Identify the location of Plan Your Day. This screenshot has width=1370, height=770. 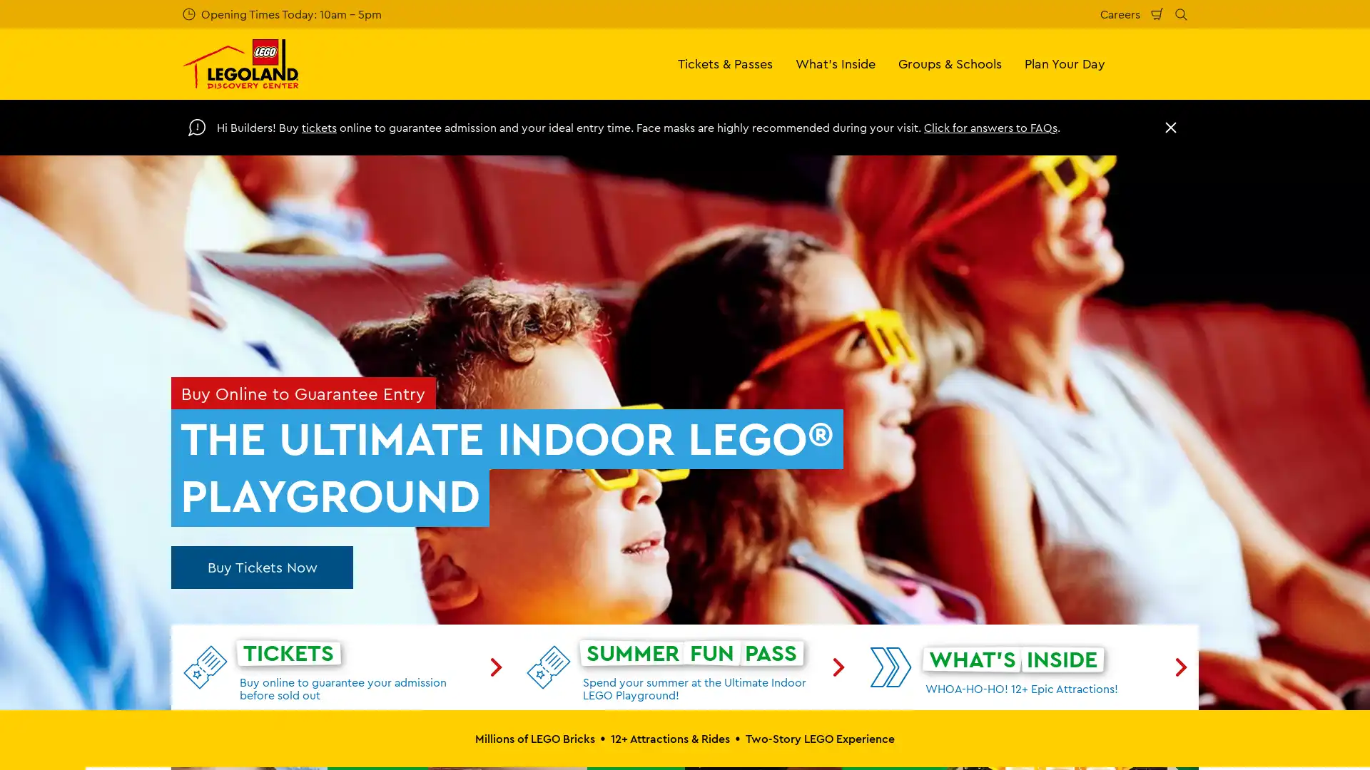
(1065, 63).